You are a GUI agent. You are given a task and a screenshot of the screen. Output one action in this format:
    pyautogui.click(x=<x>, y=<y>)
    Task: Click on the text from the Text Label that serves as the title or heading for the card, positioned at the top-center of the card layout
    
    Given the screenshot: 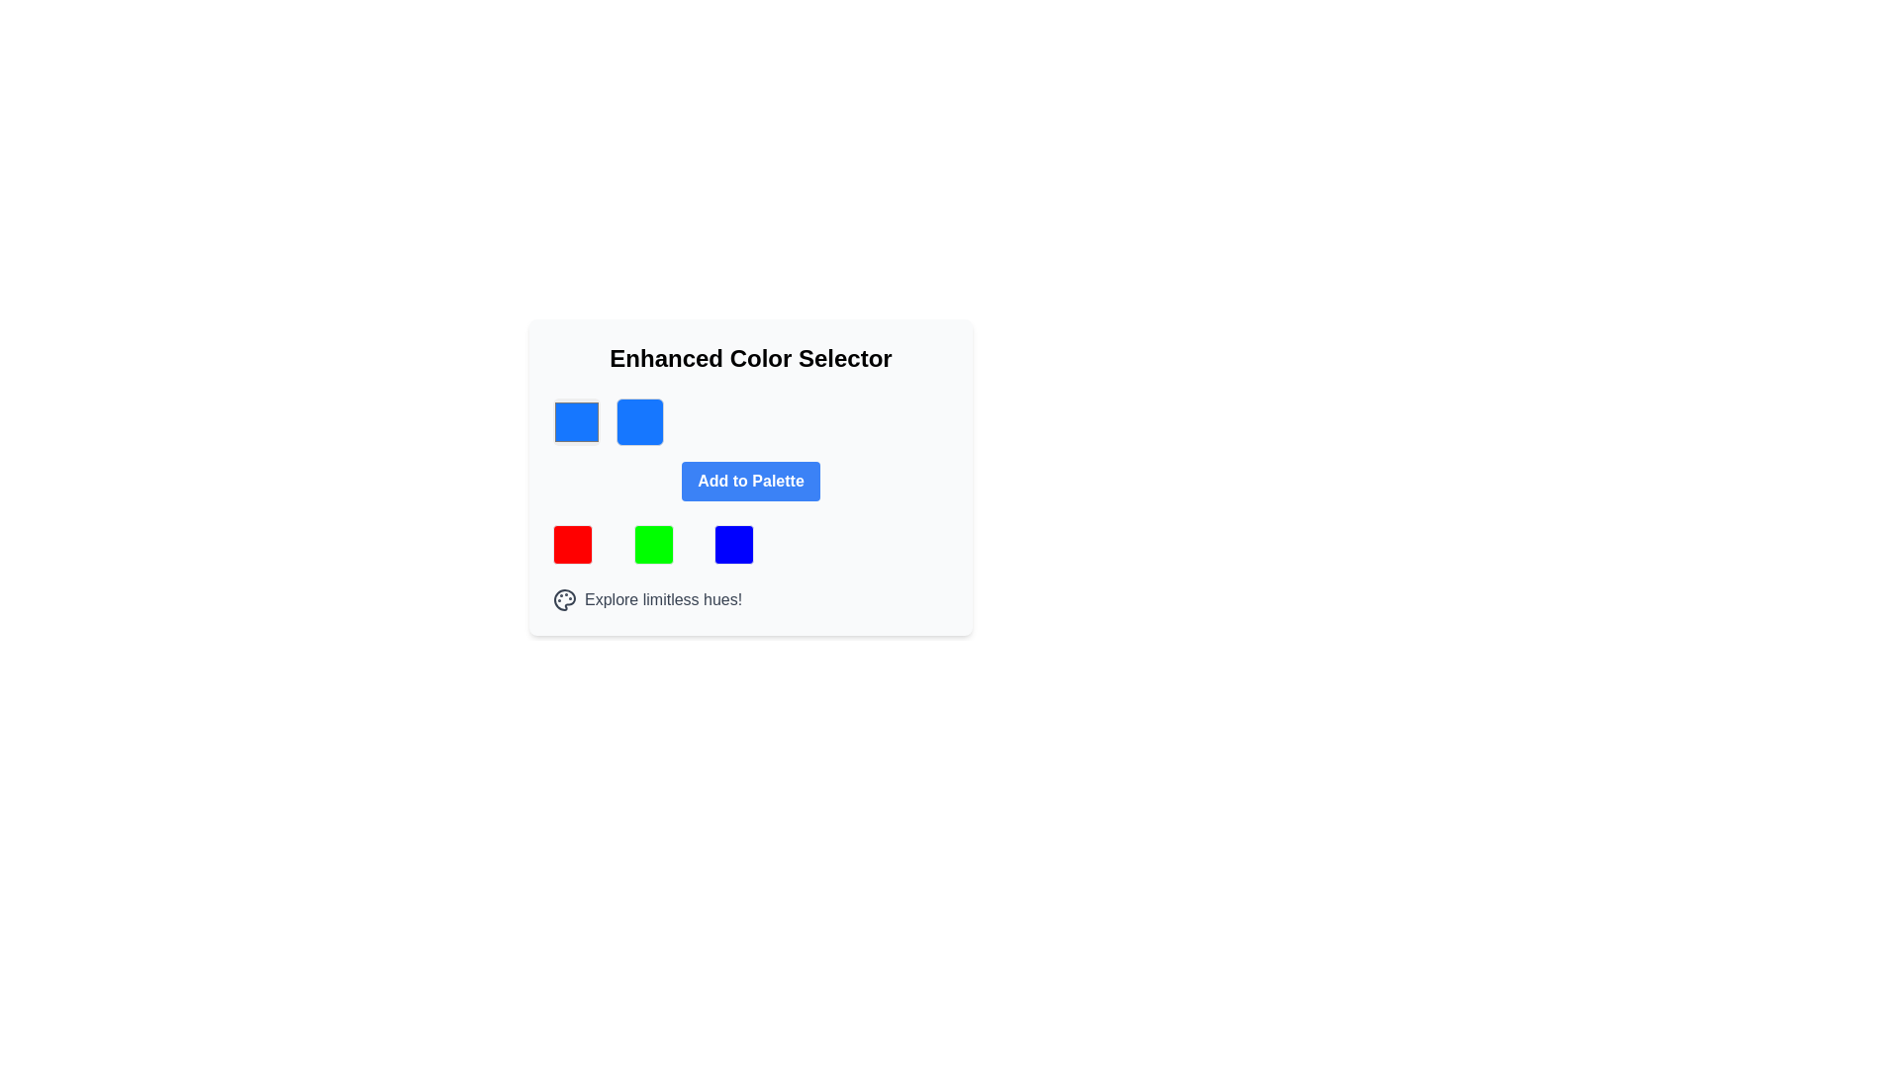 What is the action you would take?
    pyautogui.click(x=749, y=358)
    